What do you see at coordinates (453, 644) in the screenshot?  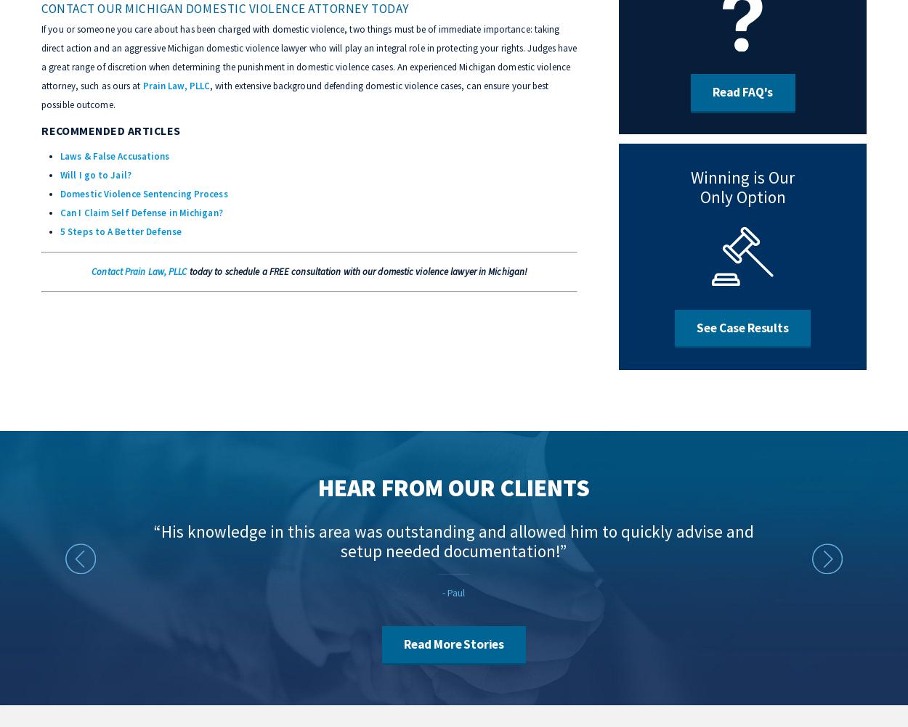 I see `'Read More Stories'` at bounding box center [453, 644].